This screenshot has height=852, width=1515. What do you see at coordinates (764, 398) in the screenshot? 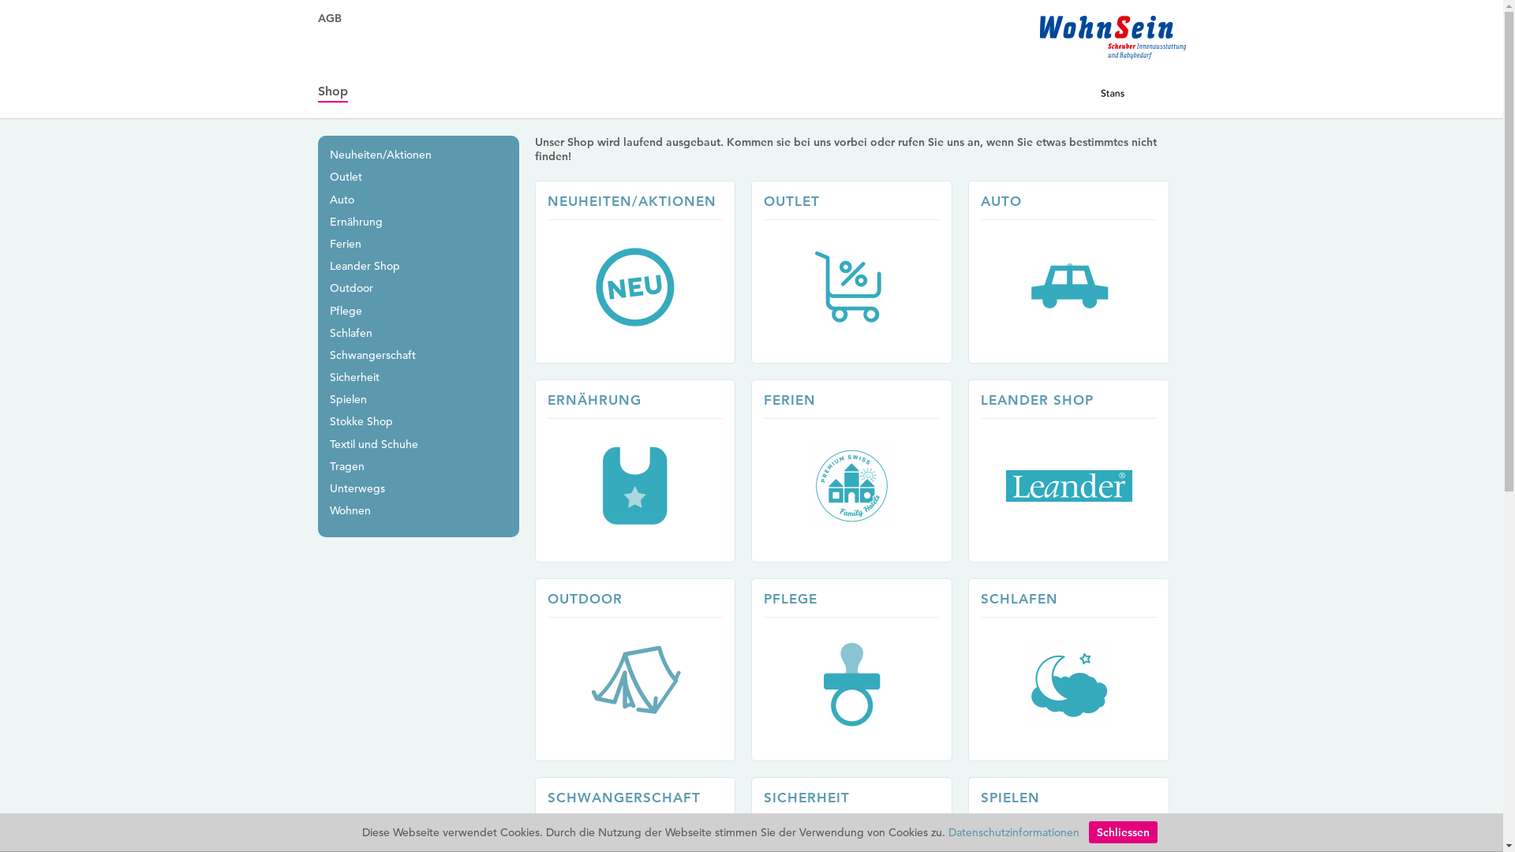
I see `'FERIEN'` at bounding box center [764, 398].